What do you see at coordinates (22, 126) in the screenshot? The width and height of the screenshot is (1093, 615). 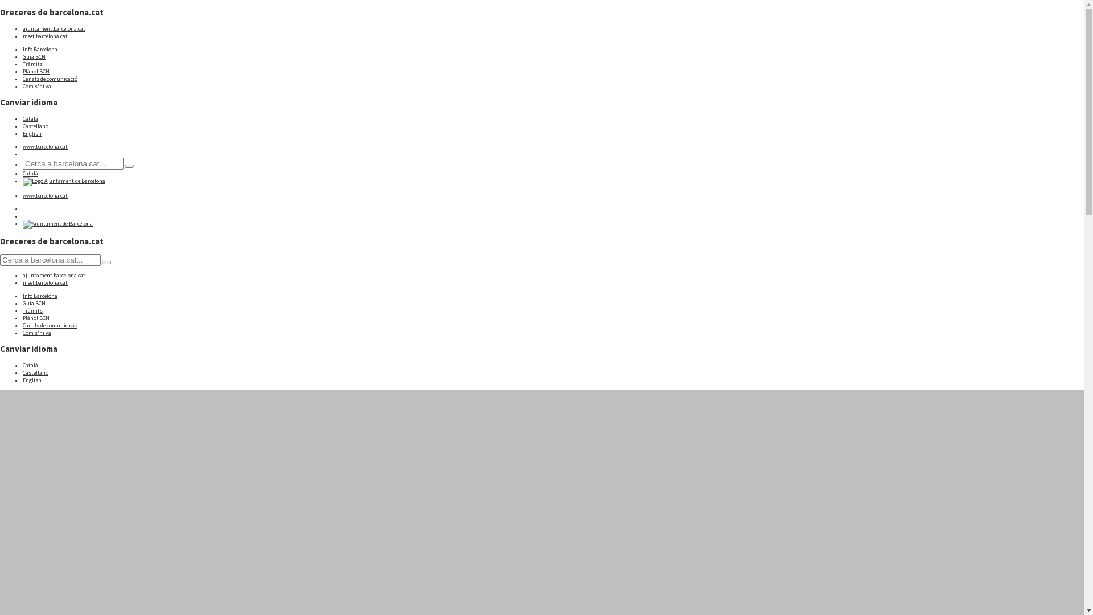 I see `'Castellano'` at bounding box center [22, 126].